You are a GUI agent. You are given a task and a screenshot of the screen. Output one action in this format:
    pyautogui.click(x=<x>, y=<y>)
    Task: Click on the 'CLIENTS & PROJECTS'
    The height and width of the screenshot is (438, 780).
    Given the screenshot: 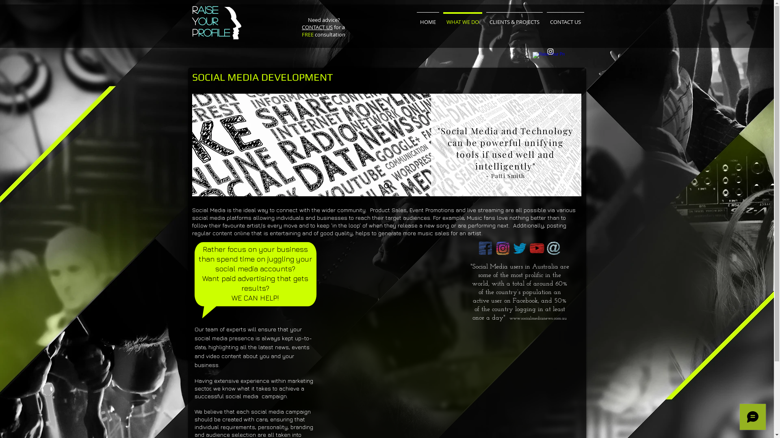 What is the action you would take?
    pyautogui.click(x=514, y=18)
    